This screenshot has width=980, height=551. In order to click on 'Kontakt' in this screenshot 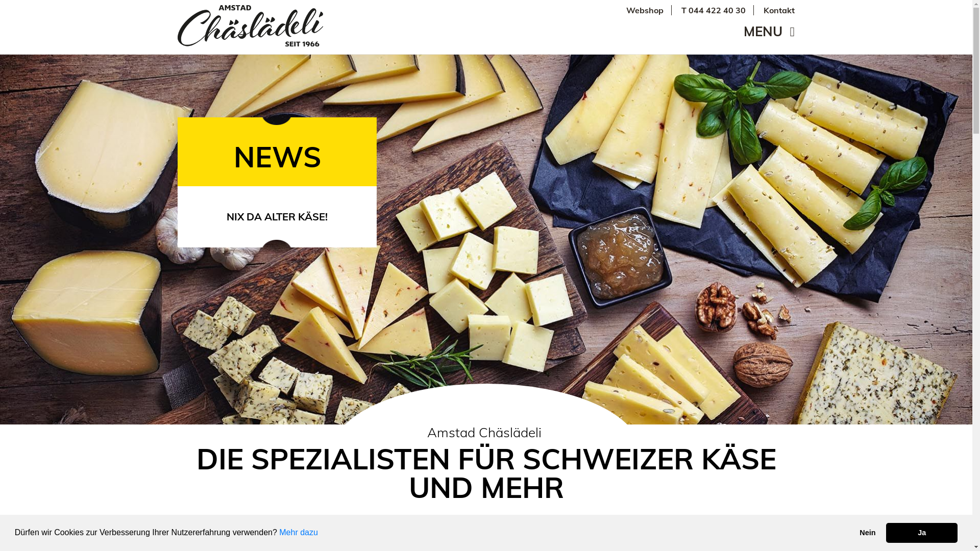, I will do `click(778, 10)`.